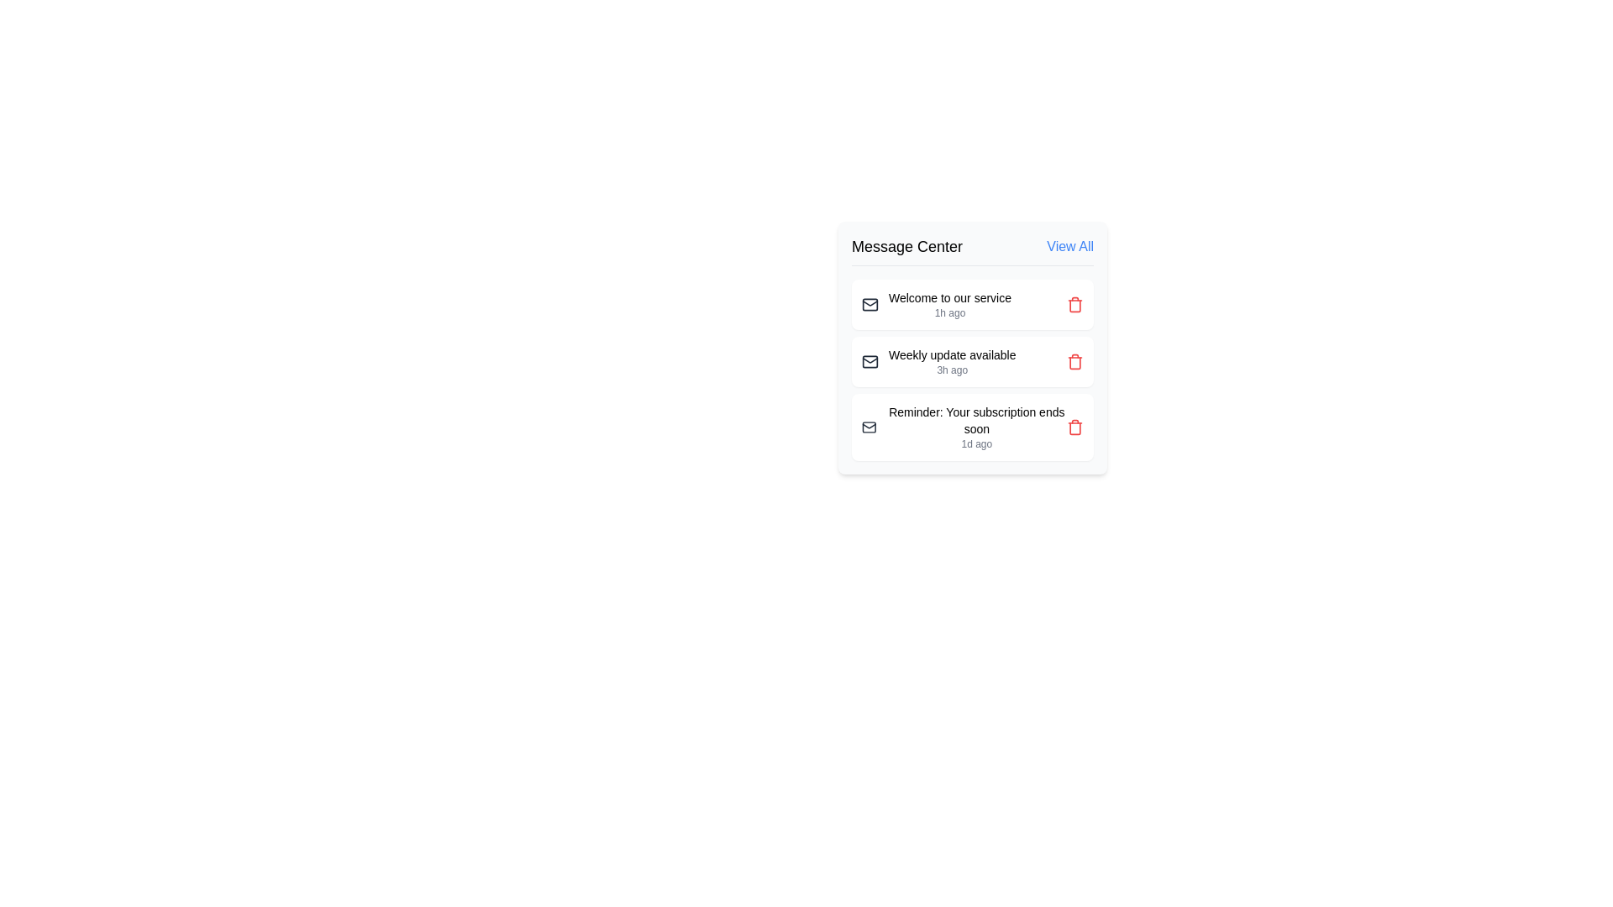 This screenshot has height=907, width=1613. I want to click on the main body of the trash can icon, which is part of the SVG representation indicating a delete action for the notification titled 'Weekly update available' in the second entry of the notifications list, so click(1075, 362).